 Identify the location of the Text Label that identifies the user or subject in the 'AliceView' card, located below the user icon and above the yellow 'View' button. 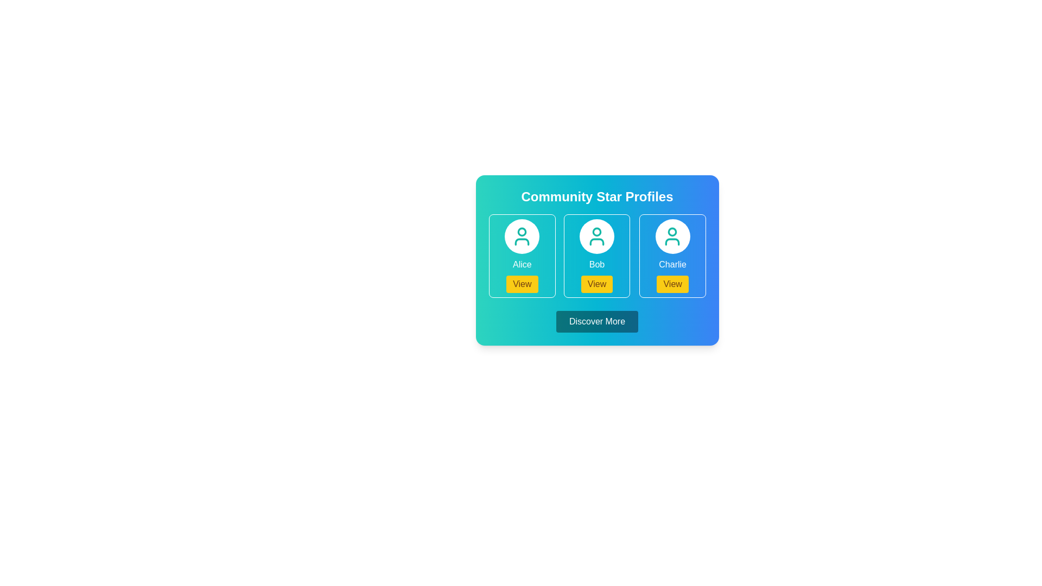
(522, 265).